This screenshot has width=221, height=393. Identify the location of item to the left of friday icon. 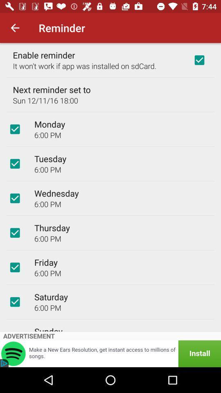
(15, 267).